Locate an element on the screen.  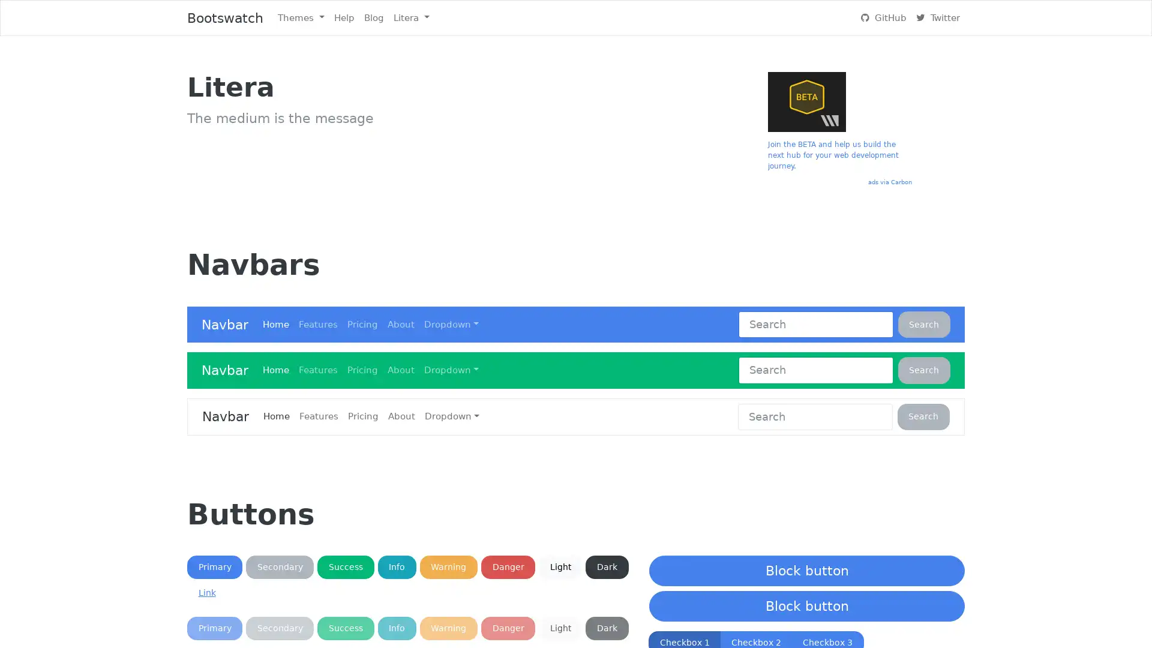
Block button is located at coordinates (806, 606).